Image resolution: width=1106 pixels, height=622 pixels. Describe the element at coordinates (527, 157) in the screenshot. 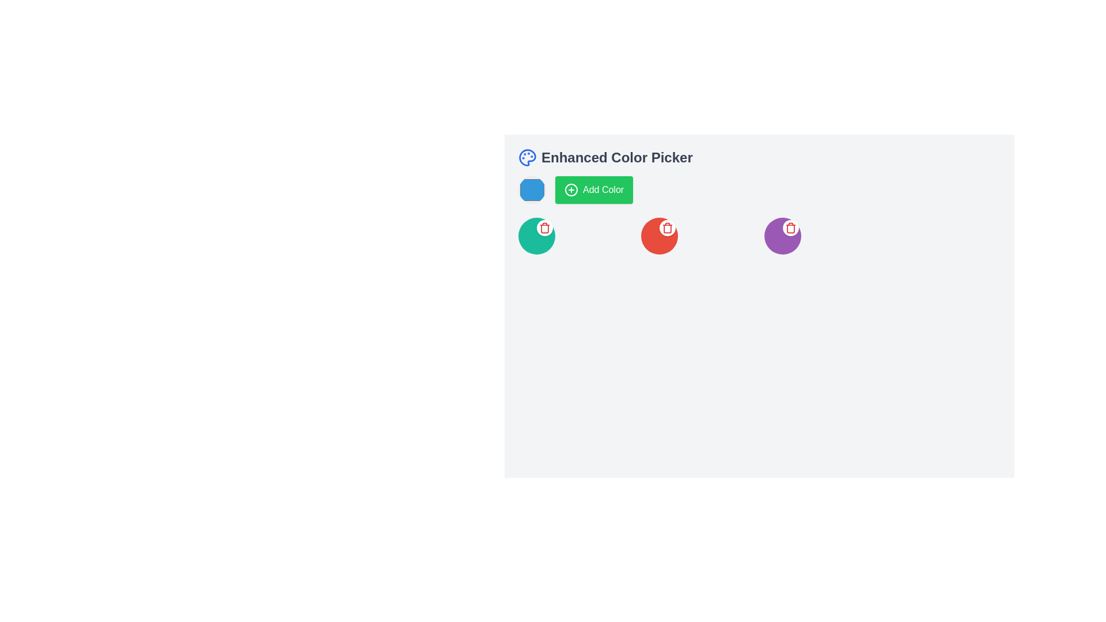

I see `the blue color palette icon that features a circular arrangement of paint dabs, located above the 'Enhanced Color Picker' text to explore context menu options` at that location.